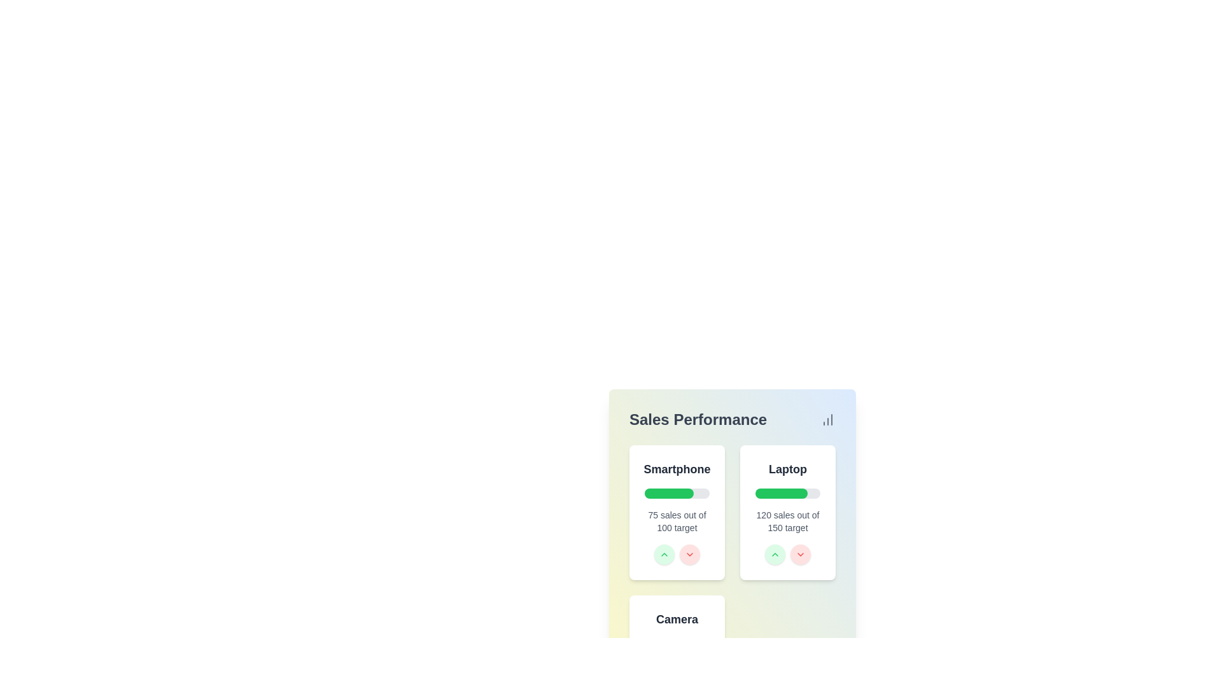 The width and height of the screenshot is (1222, 687). What do you see at coordinates (787, 553) in the screenshot?
I see `the right button in the group of buttons located at the bottom center of the 'Laptop' card to decrement the sales target value` at bounding box center [787, 553].